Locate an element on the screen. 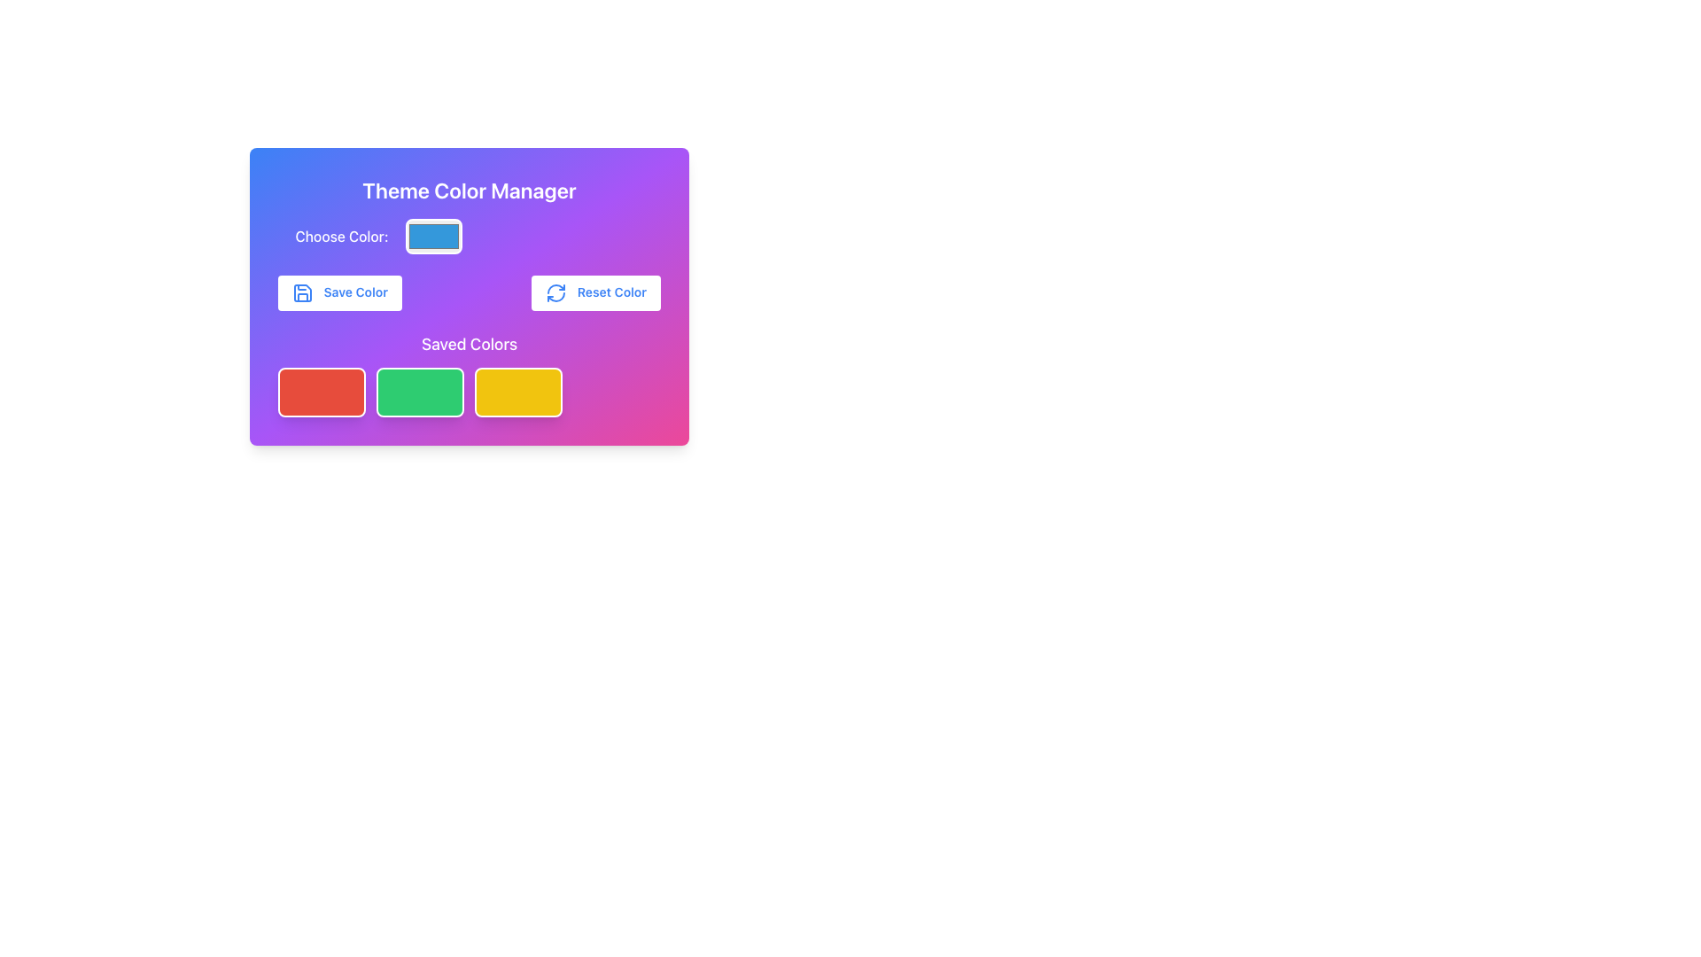 The width and height of the screenshot is (1701, 957). the reset button located to the right of the 'Save Color' button is located at coordinates (596, 292).